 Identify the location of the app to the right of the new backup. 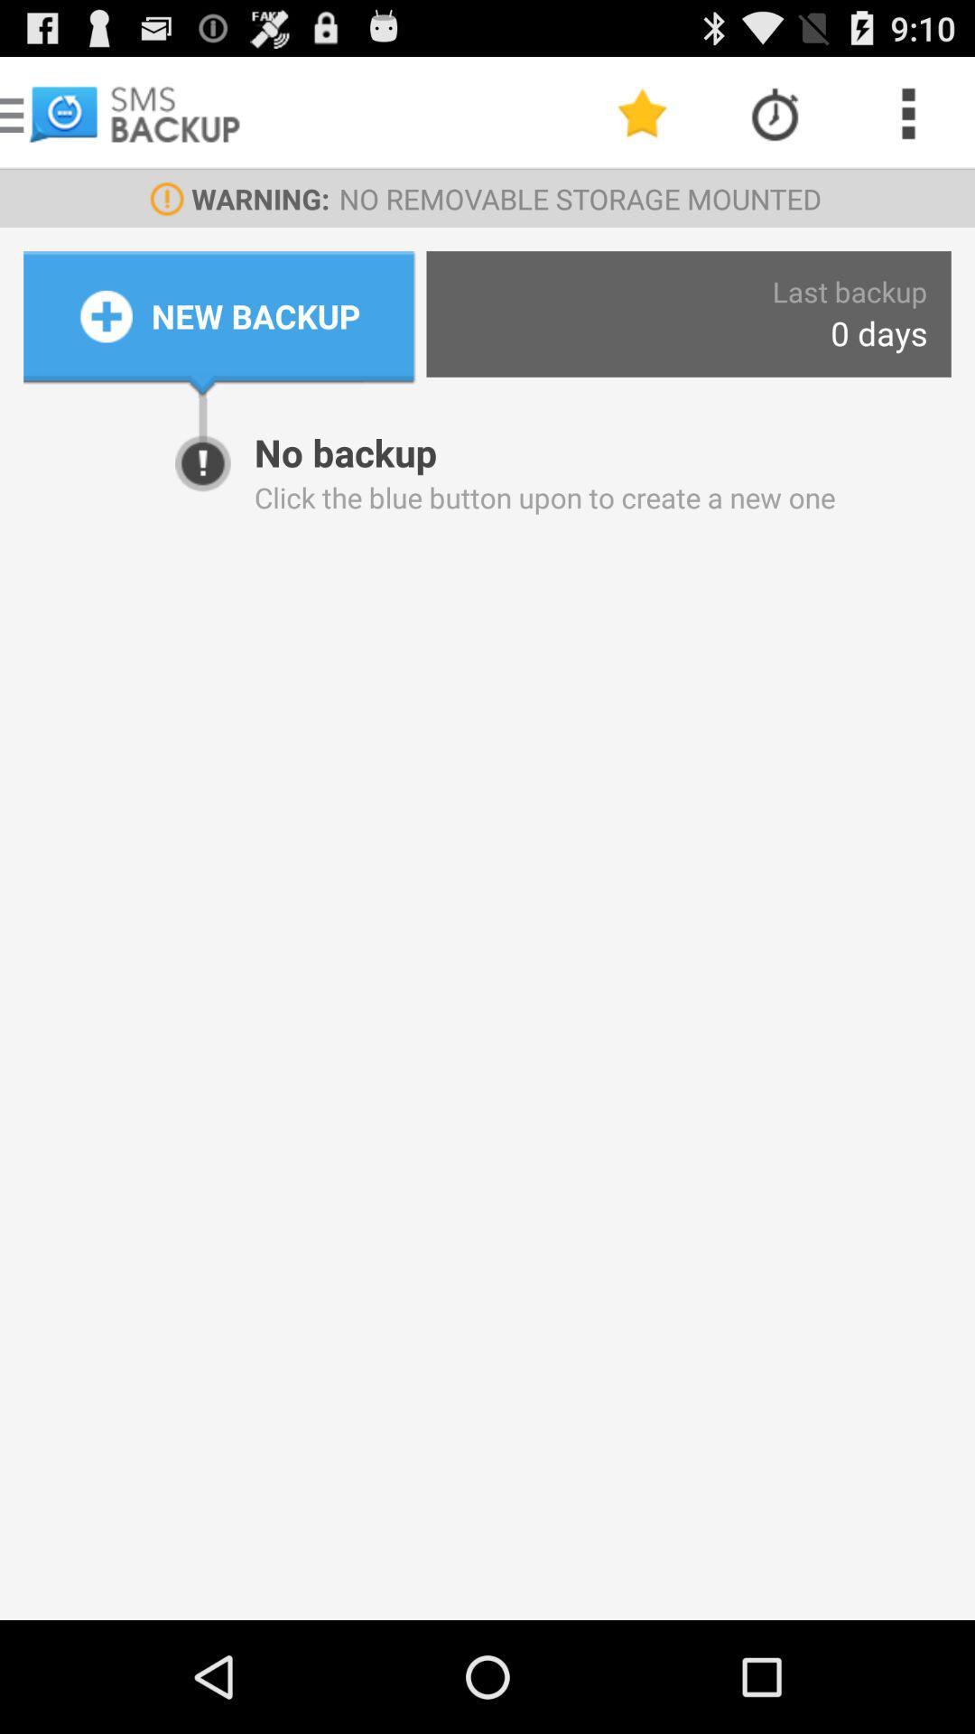
(850, 291).